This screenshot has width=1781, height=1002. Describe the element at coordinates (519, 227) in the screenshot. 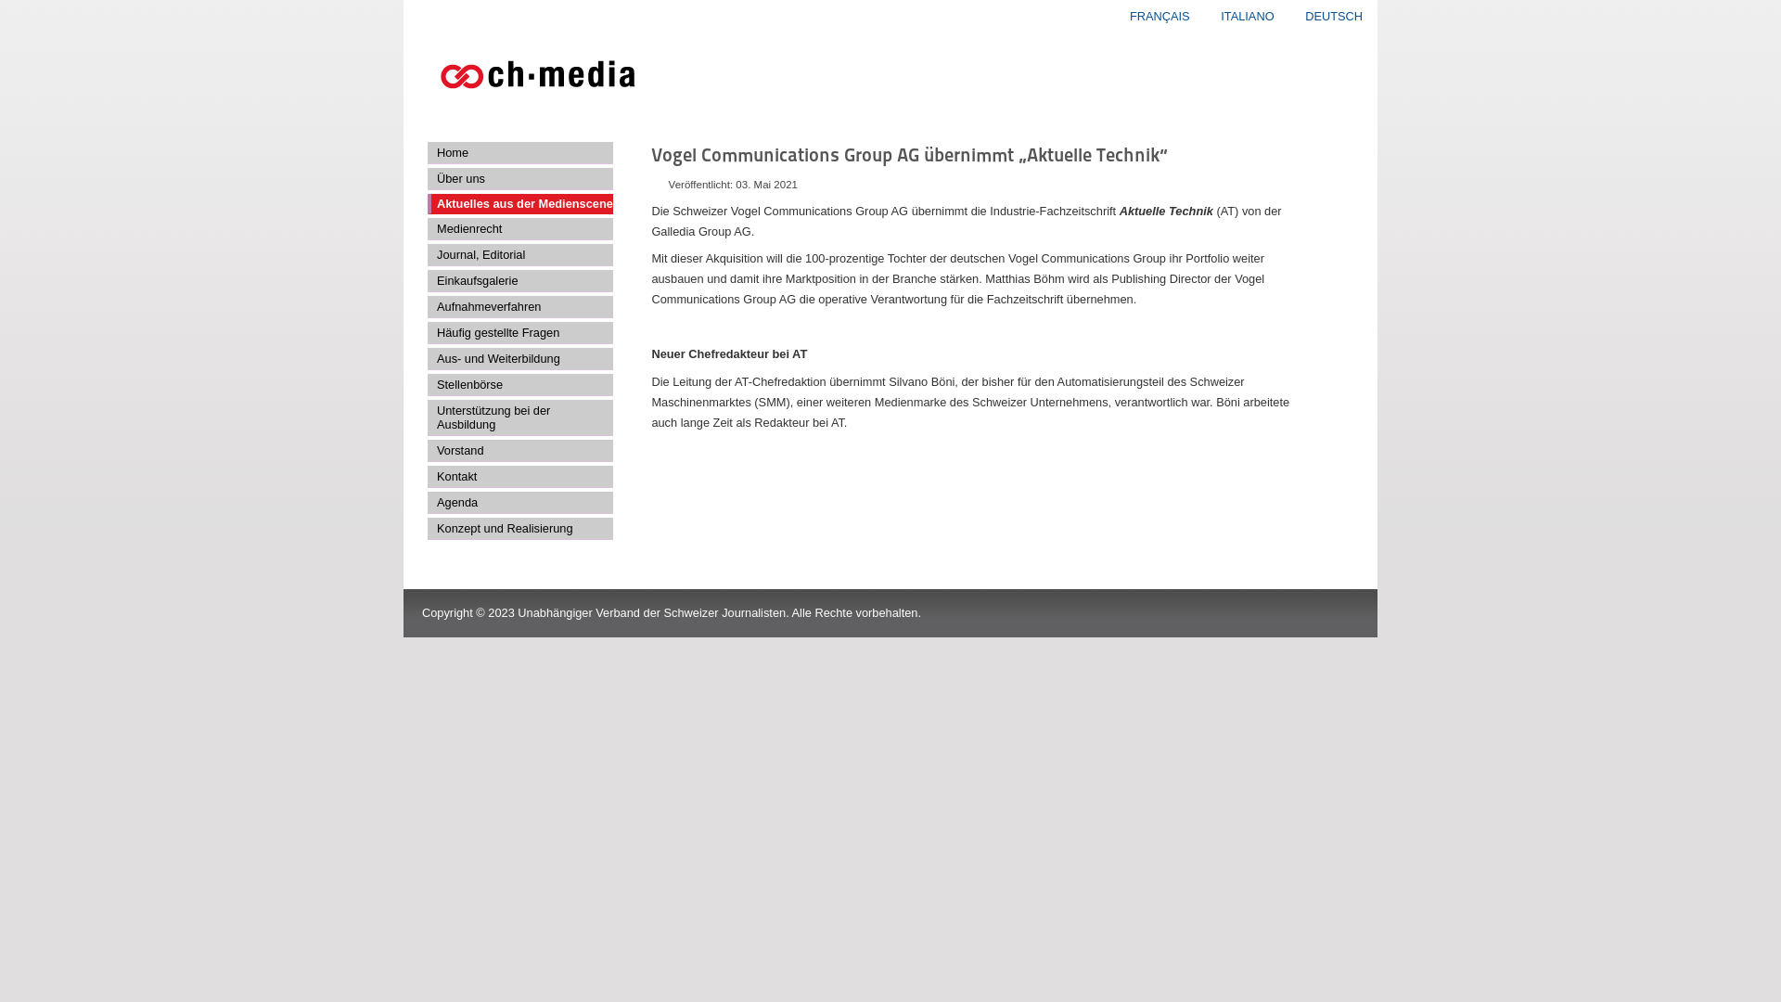

I see `'Medienrecht'` at that location.